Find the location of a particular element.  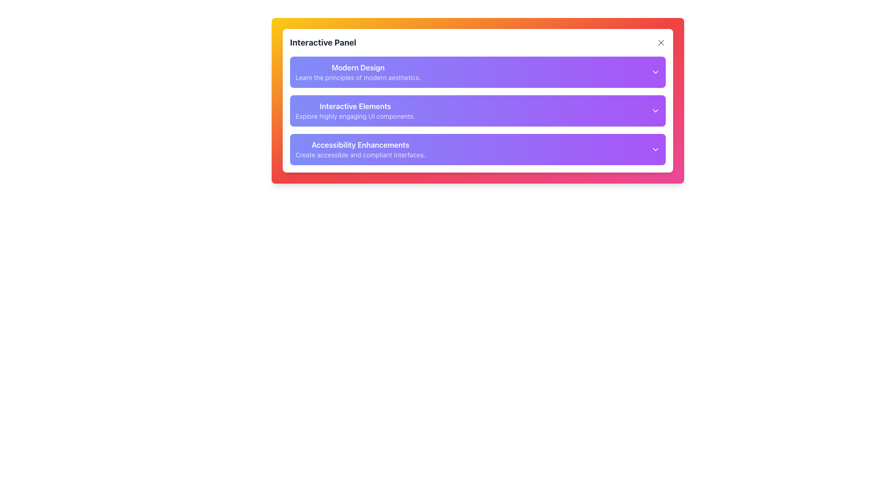

the 'Modern Design' text block element, which displays 'Modern Design' in bold white font and 'Learn the principles of modern aesthetics.' in a vertical list within a panel is located at coordinates (357, 72).